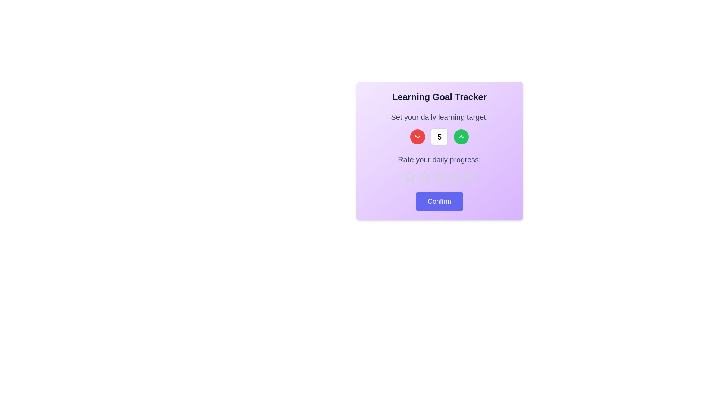  What do you see at coordinates (439, 96) in the screenshot?
I see `title text located at the top of the card, which serves as a heading for the content below` at bounding box center [439, 96].